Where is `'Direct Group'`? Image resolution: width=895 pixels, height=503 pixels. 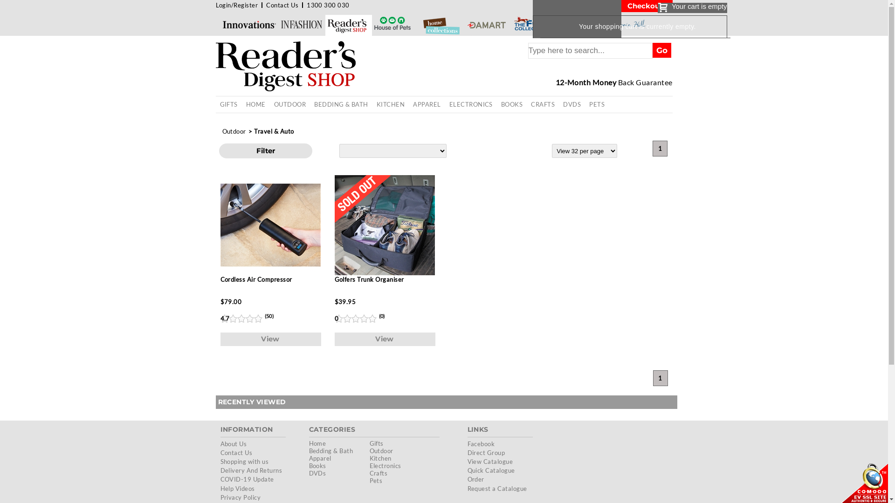 'Direct Group' is located at coordinates (485, 452).